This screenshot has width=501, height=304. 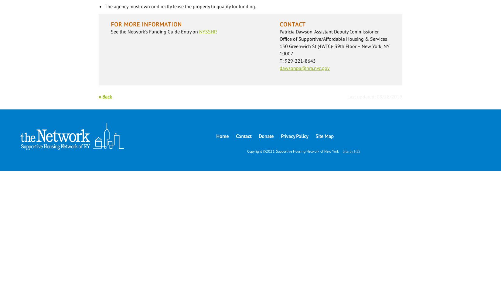 What do you see at coordinates (155, 31) in the screenshot?
I see `'See the Network's Funding Guide Entry on'` at bounding box center [155, 31].